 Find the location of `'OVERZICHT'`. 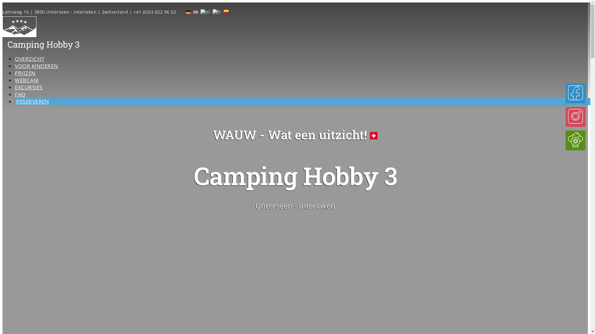

'OVERZICHT' is located at coordinates (29, 59).